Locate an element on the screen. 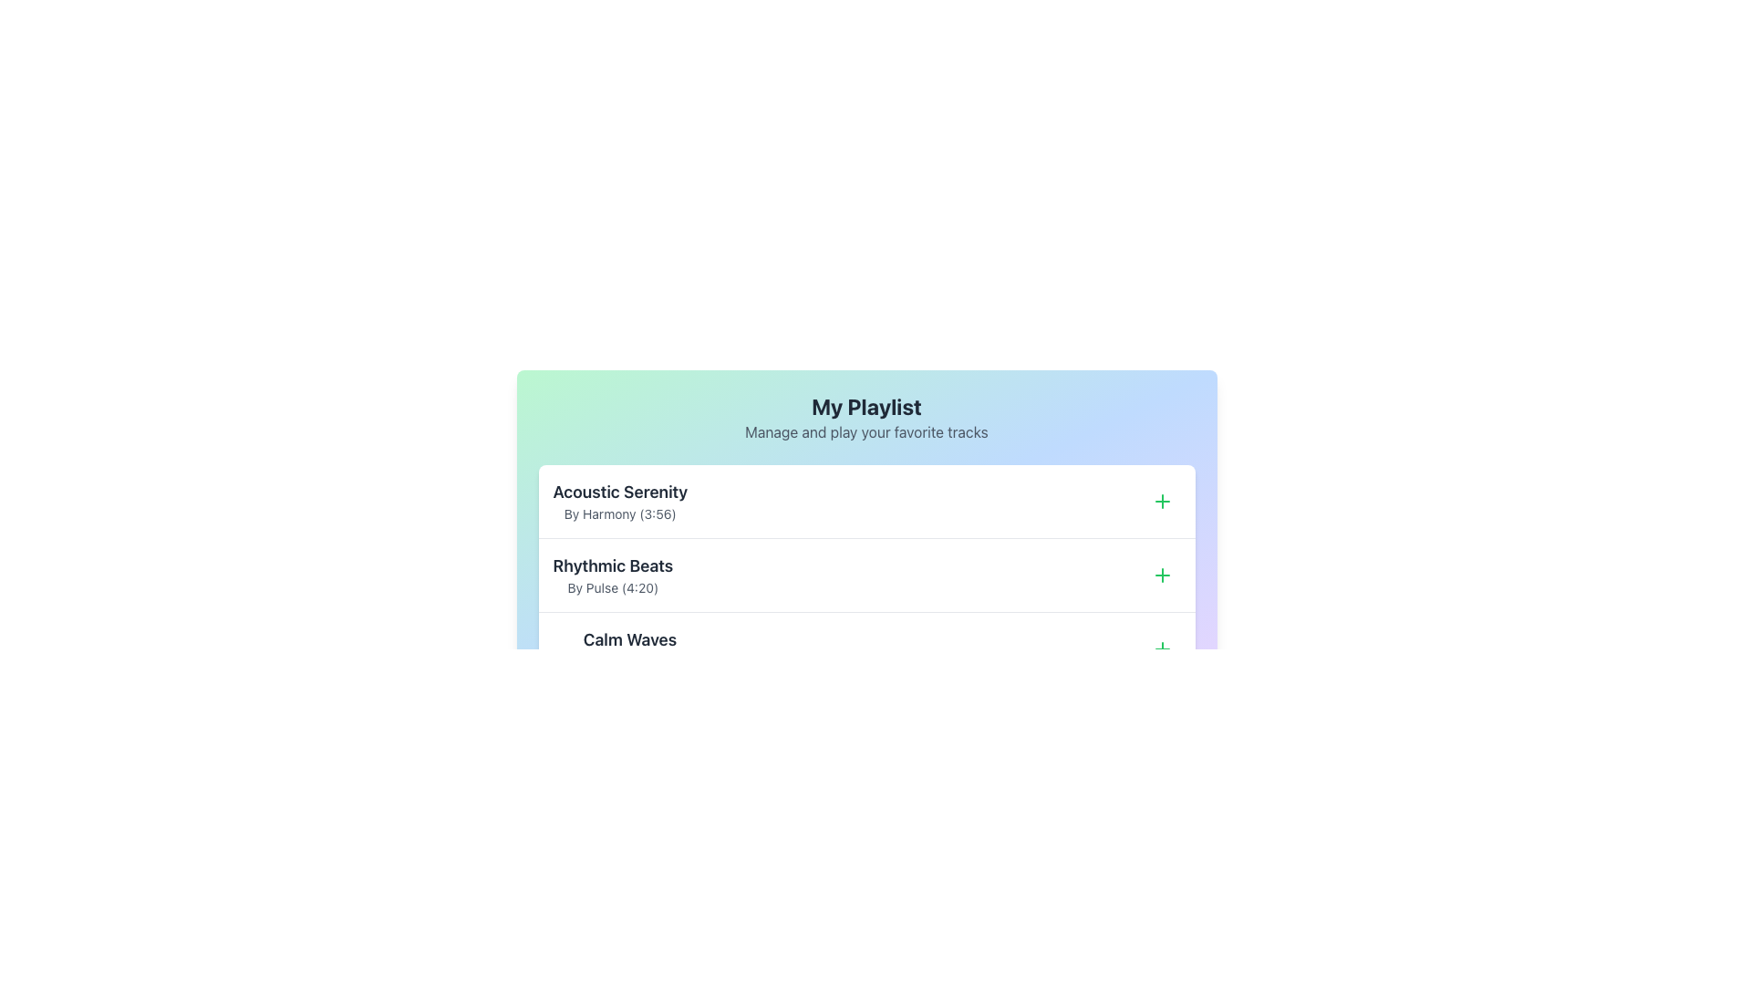 The width and height of the screenshot is (1751, 985). the button is located at coordinates (1161, 648).